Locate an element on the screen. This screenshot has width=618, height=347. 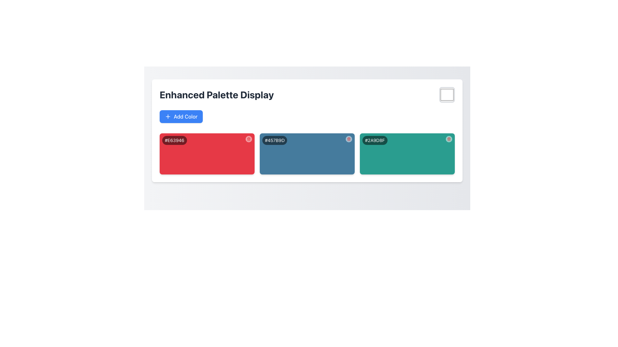
the label displaying the text '#2A9D8F' which is located in the top-left corner of the rightmost green card in a row of three cards is located at coordinates (375, 140).